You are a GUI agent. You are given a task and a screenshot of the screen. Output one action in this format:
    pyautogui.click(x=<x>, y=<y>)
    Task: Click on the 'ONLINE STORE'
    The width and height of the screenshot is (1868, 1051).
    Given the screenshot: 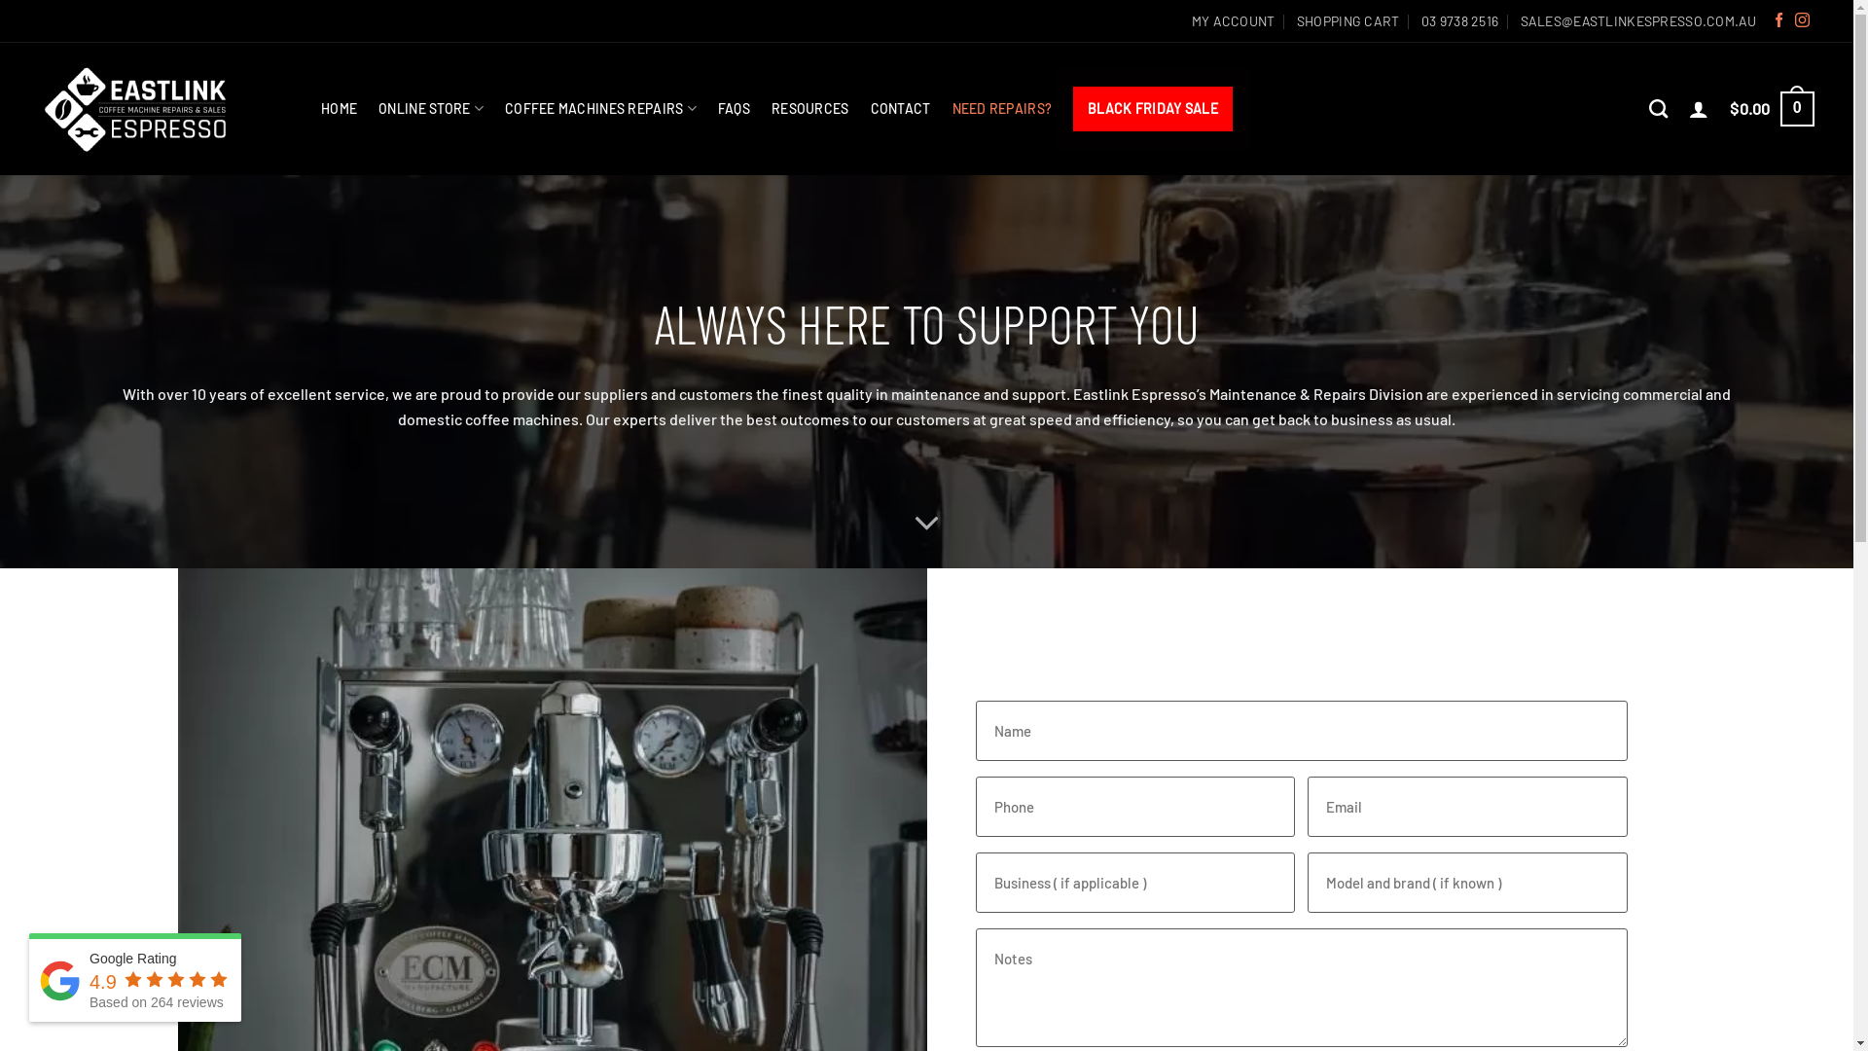 What is the action you would take?
    pyautogui.click(x=429, y=108)
    